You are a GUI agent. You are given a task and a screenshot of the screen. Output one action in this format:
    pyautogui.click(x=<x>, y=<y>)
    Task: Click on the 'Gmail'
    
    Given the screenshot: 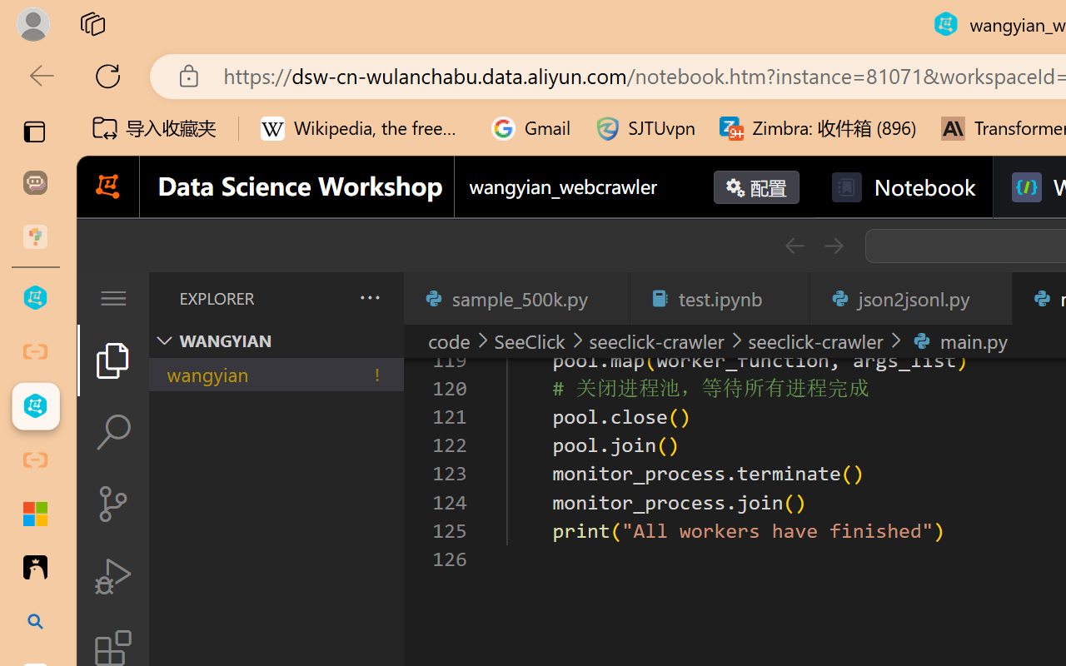 What is the action you would take?
    pyautogui.click(x=531, y=128)
    